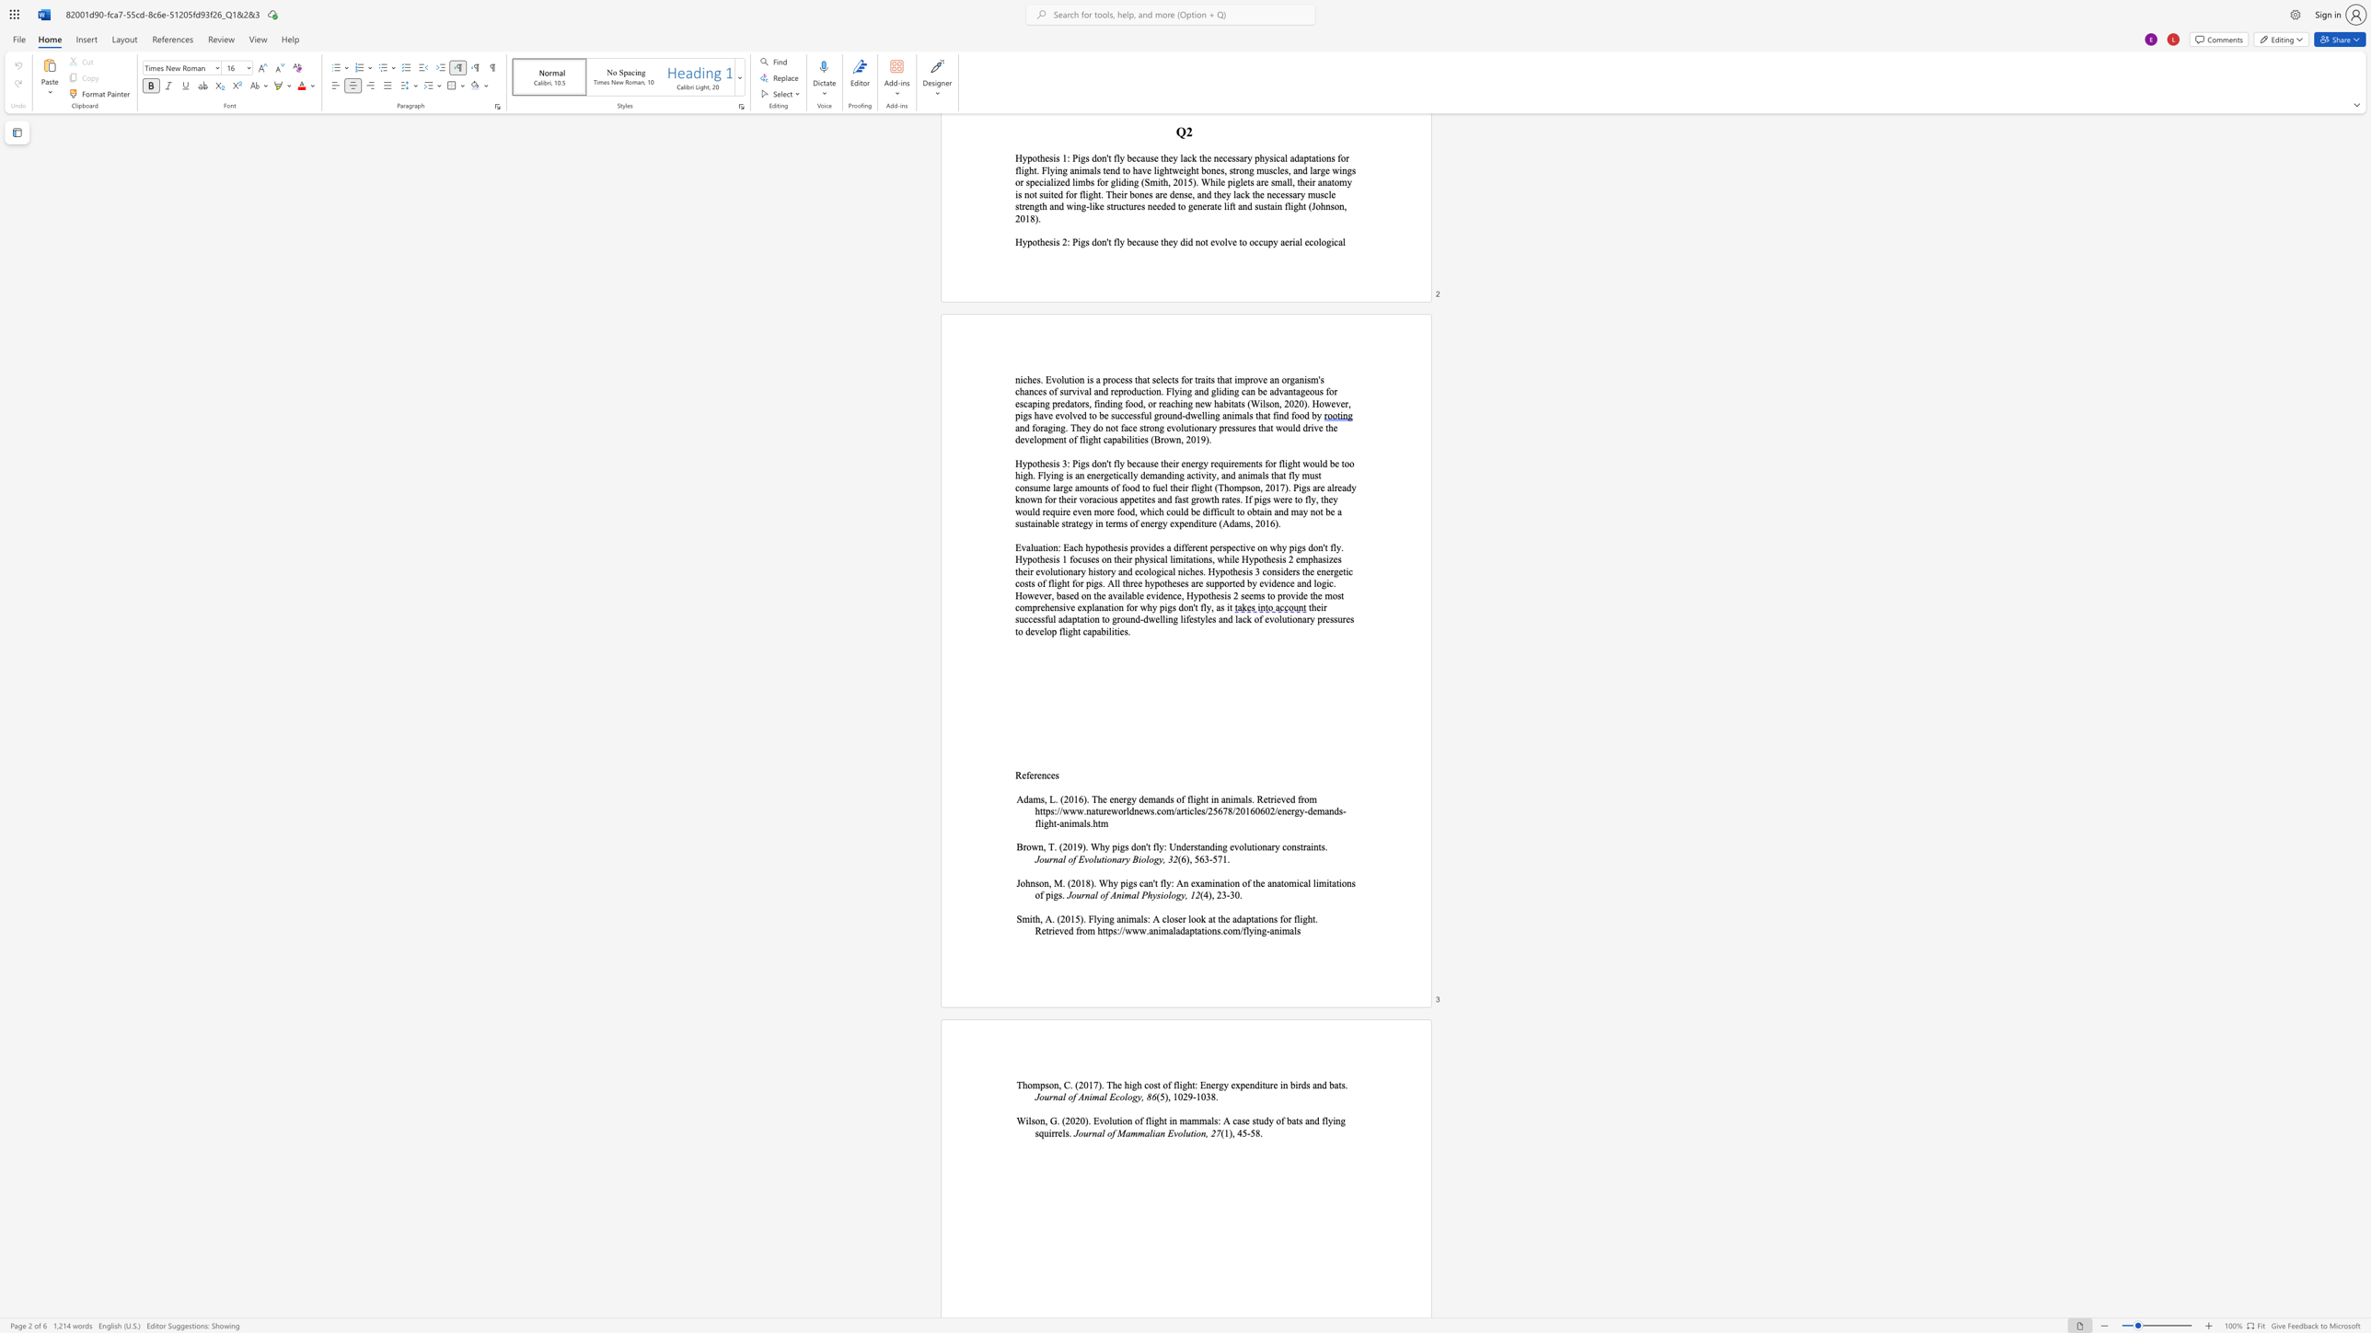  I want to click on the subset text "urnal of Animal Ecolo" within the text "Journal of Animal Ecology, 86", so click(1043, 1096).